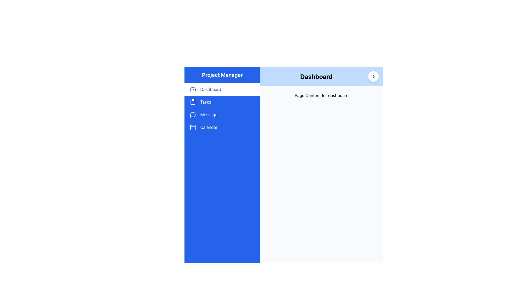  Describe the element at coordinates (192, 127) in the screenshot. I see `the graphical icon representing the Calendar section` at that location.